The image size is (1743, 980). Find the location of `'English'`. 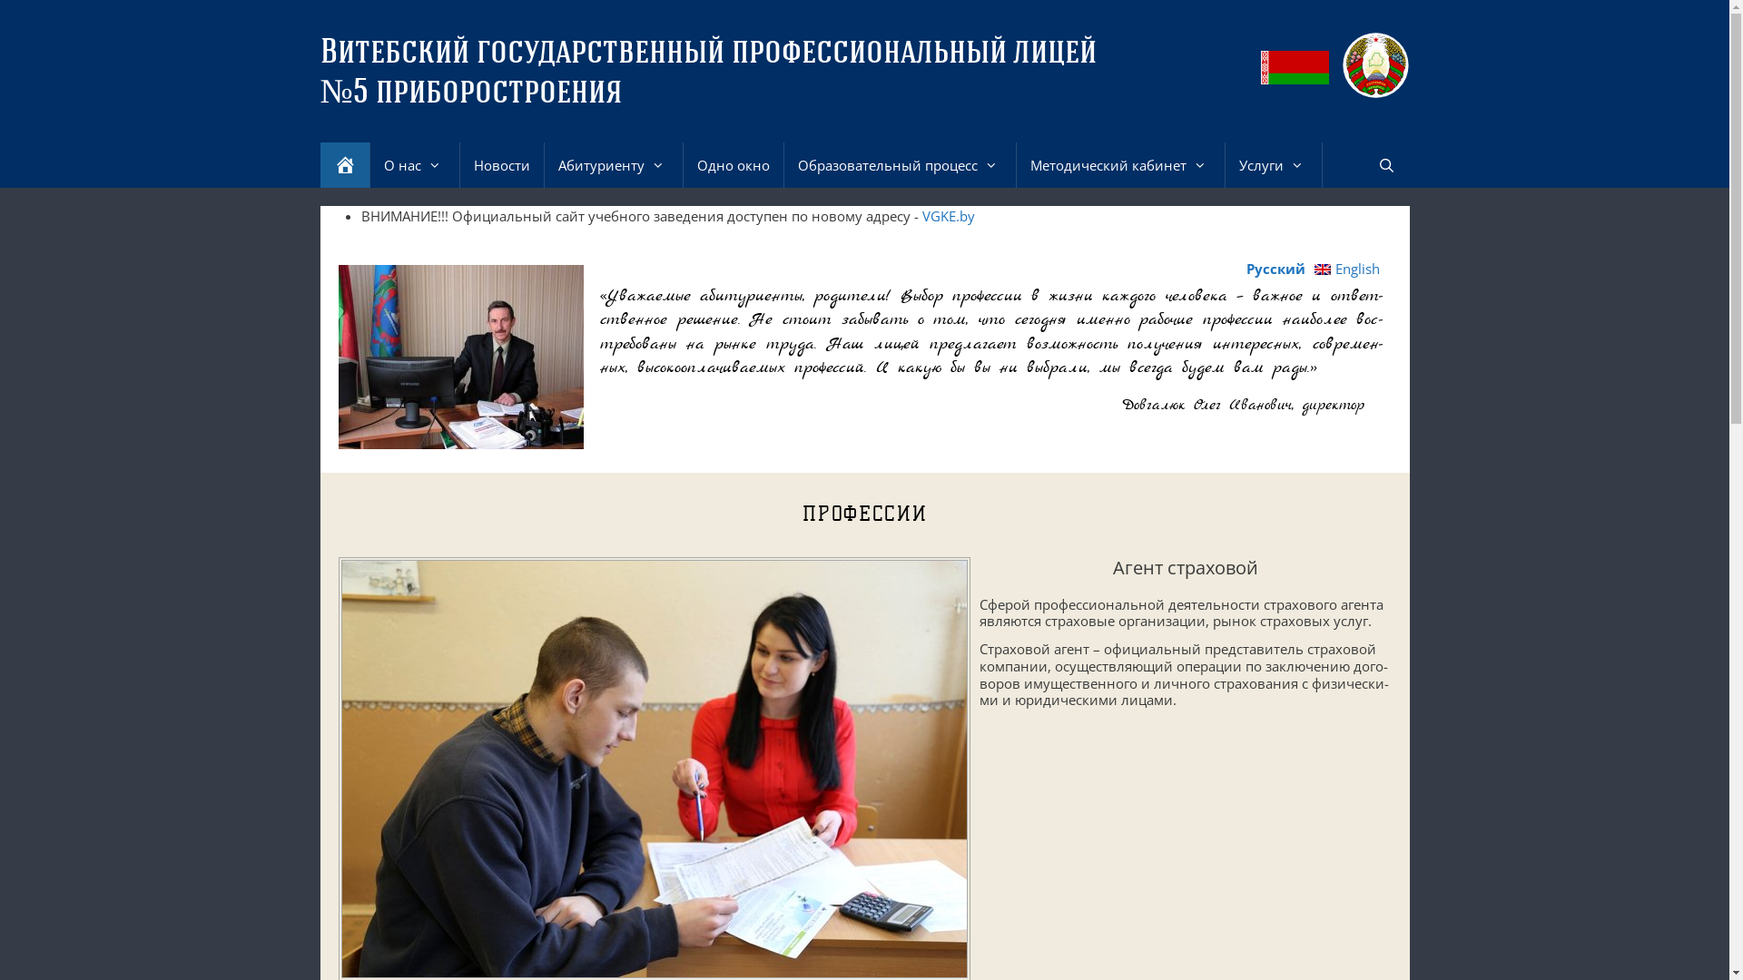

'English' is located at coordinates (1346, 269).